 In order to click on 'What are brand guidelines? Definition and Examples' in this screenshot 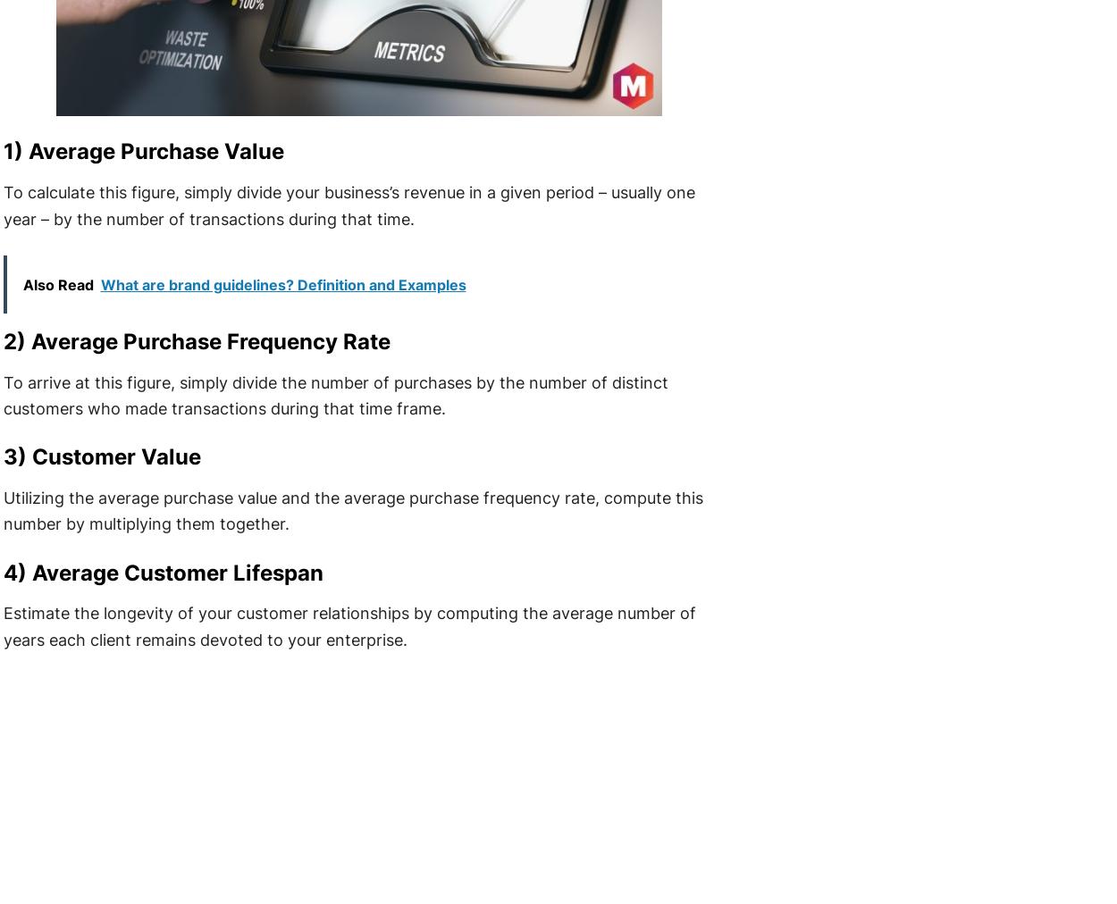, I will do `click(281, 282)`.